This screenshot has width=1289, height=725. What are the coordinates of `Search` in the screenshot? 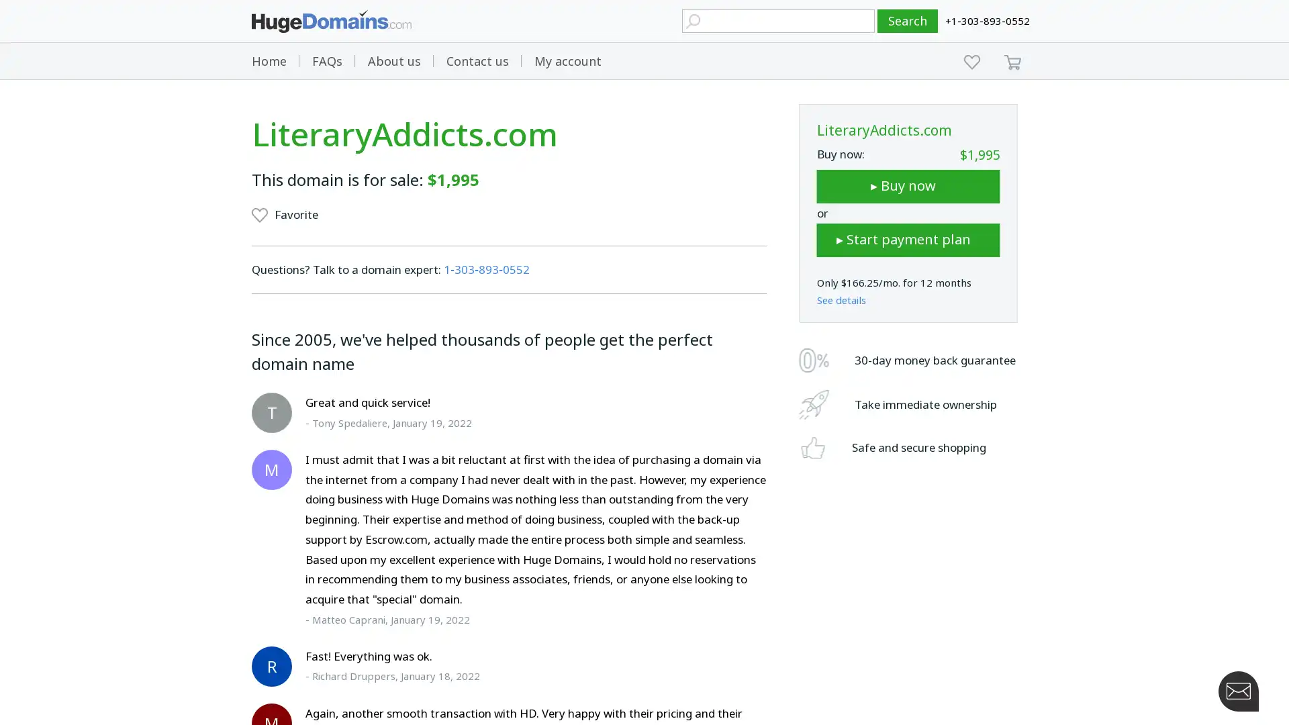 It's located at (908, 21).